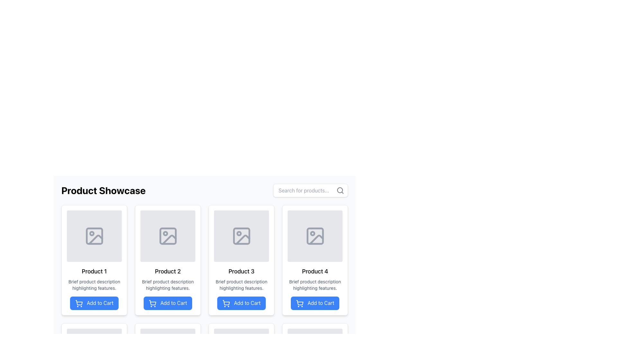  Describe the element at coordinates (94, 236) in the screenshot. I see `the Image Placeholder at the top of the Product 1 card, which indicates where a product's picture would appear` at that location.